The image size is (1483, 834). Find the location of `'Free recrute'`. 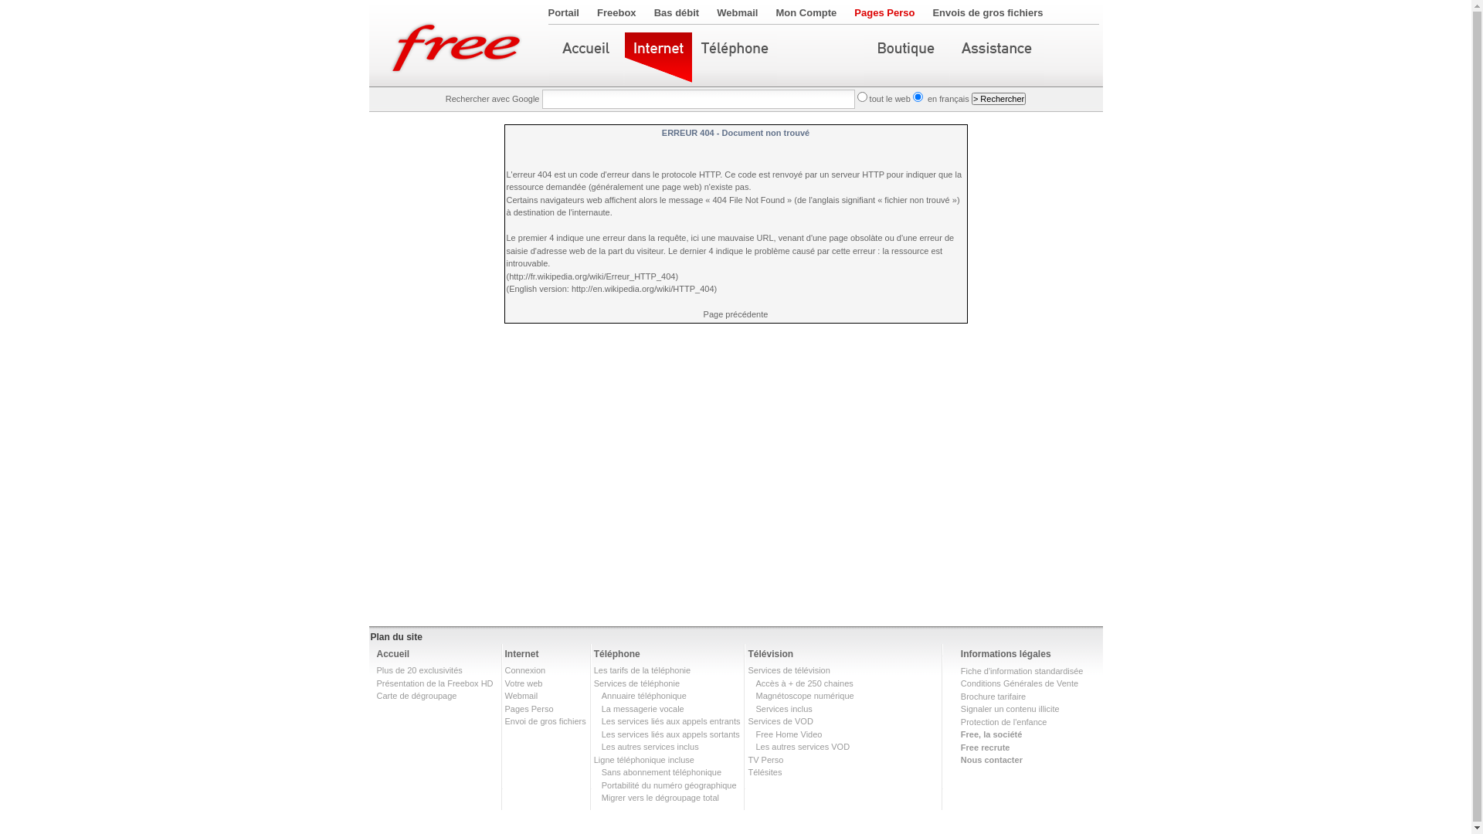

'Free recrute' is located at coordinates (985, 747).